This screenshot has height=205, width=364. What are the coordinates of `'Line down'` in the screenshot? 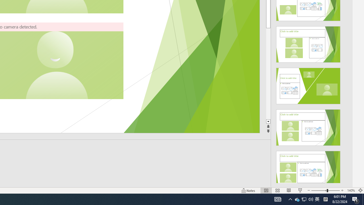 It's located at (268, 121).